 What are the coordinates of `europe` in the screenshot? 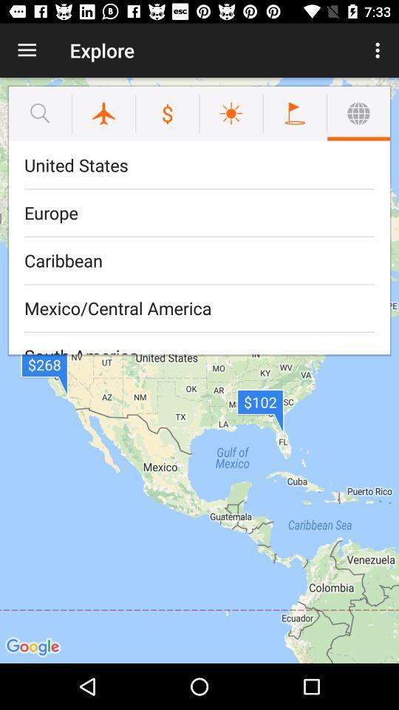 It's located at (199, 212).